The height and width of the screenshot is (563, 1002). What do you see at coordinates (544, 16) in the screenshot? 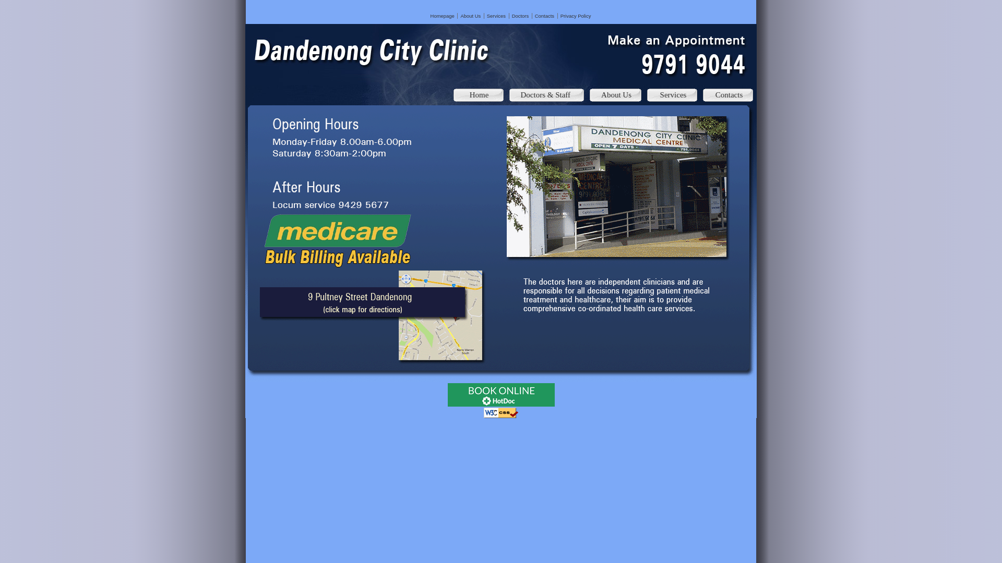
I see `'Contacts'` at bounding box center [544, 16].